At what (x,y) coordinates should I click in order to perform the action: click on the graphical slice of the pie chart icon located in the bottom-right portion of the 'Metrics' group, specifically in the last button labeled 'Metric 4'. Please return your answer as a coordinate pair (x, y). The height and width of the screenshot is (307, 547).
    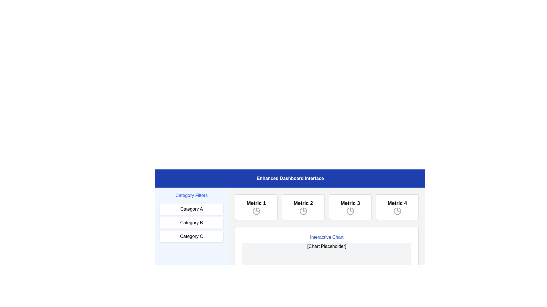
    Looking at the image, I should click on (399, 209).